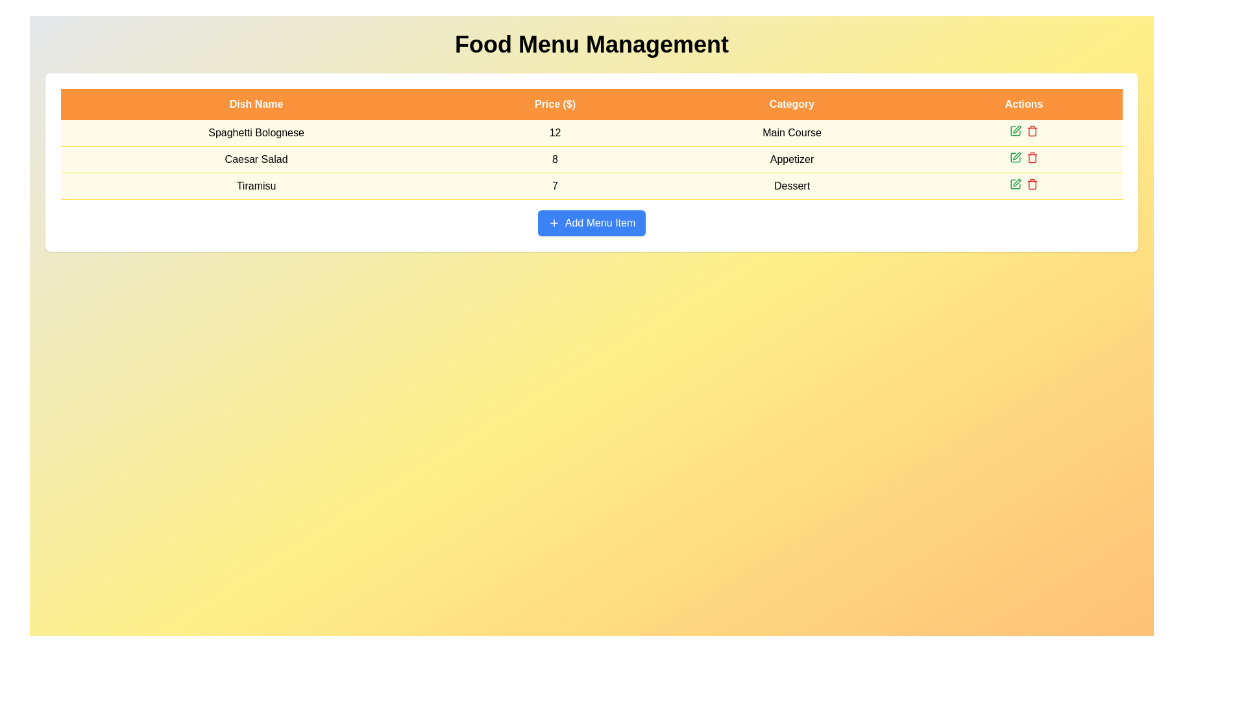 This screenshot has width=1246, height=701. I want to click on the delete button in the Actions column of the table for the Tiramisu dish, so click(1032, 184).